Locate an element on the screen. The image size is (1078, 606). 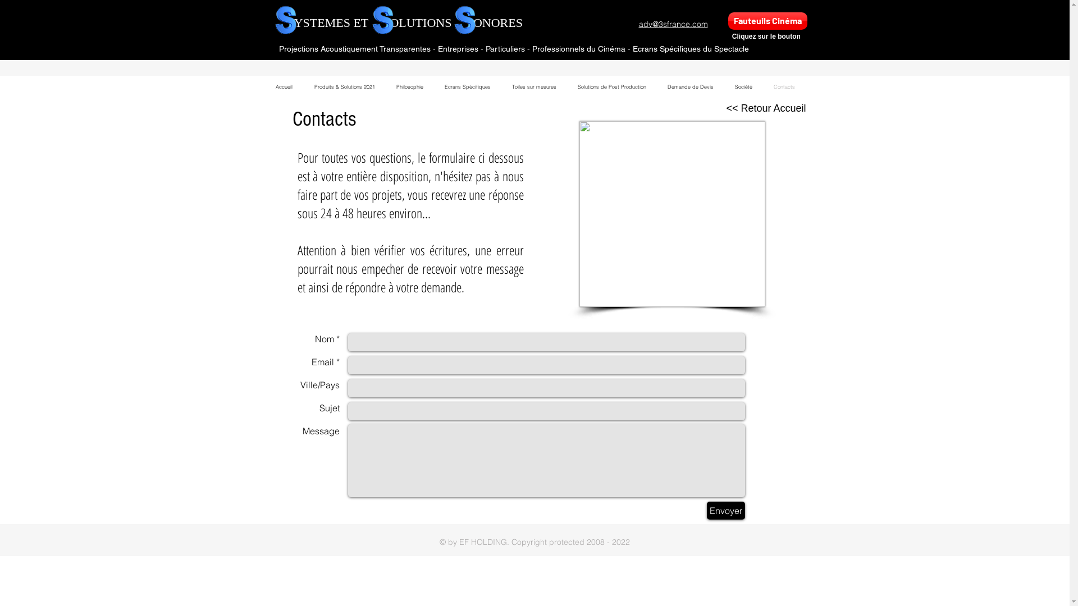
'Philosophie' is located at coordinates (409, 86).